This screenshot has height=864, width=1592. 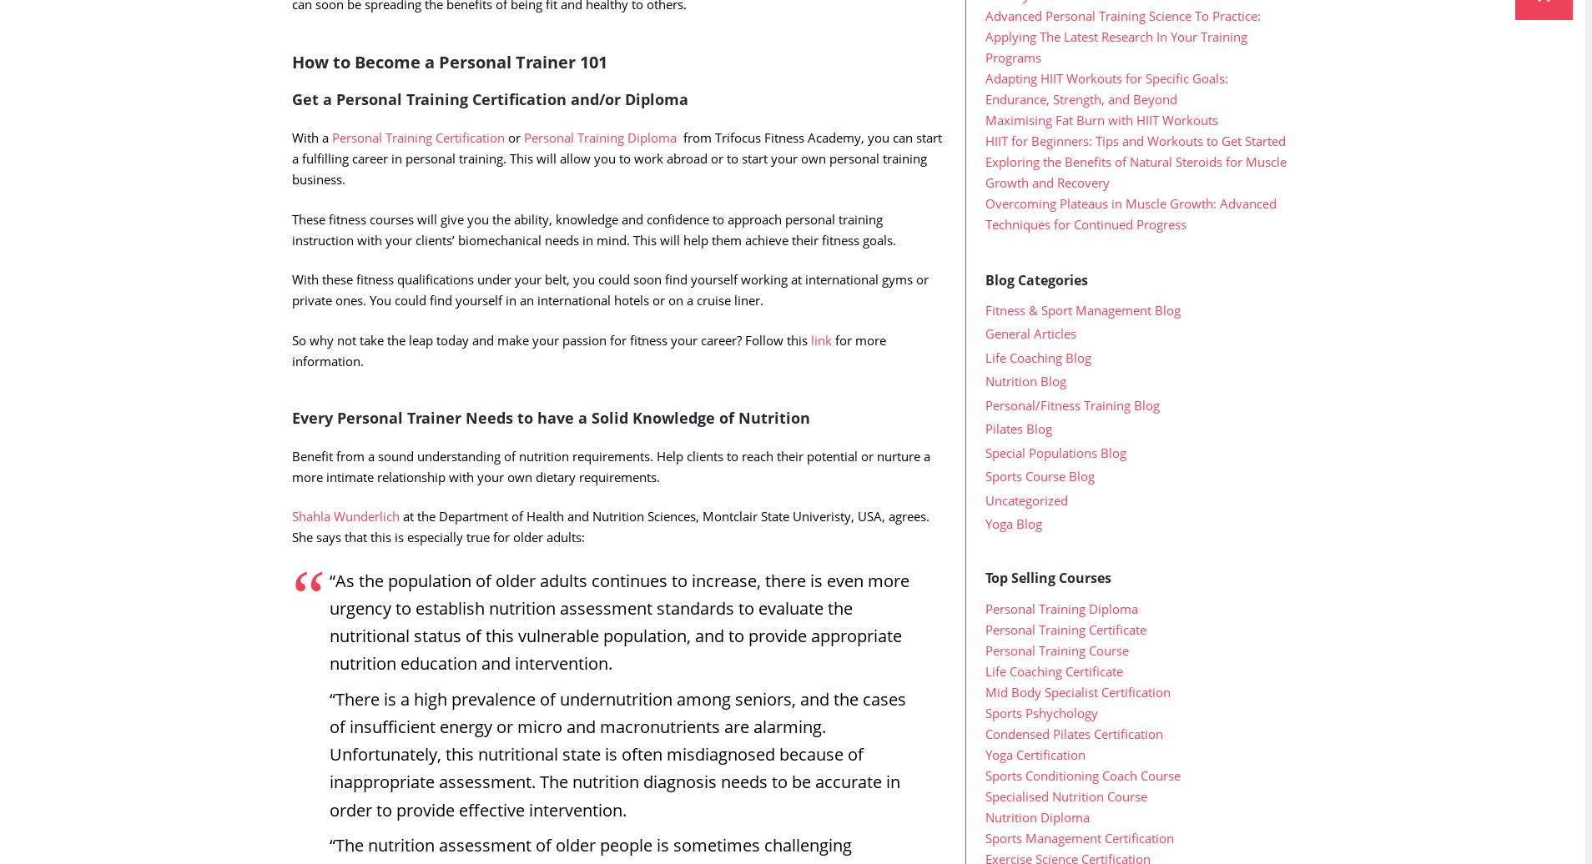 What do you see at coordinates (1055, 683) in the screenshot?
I see `'Personal Training Course'` at bounding box center [1055, 683].